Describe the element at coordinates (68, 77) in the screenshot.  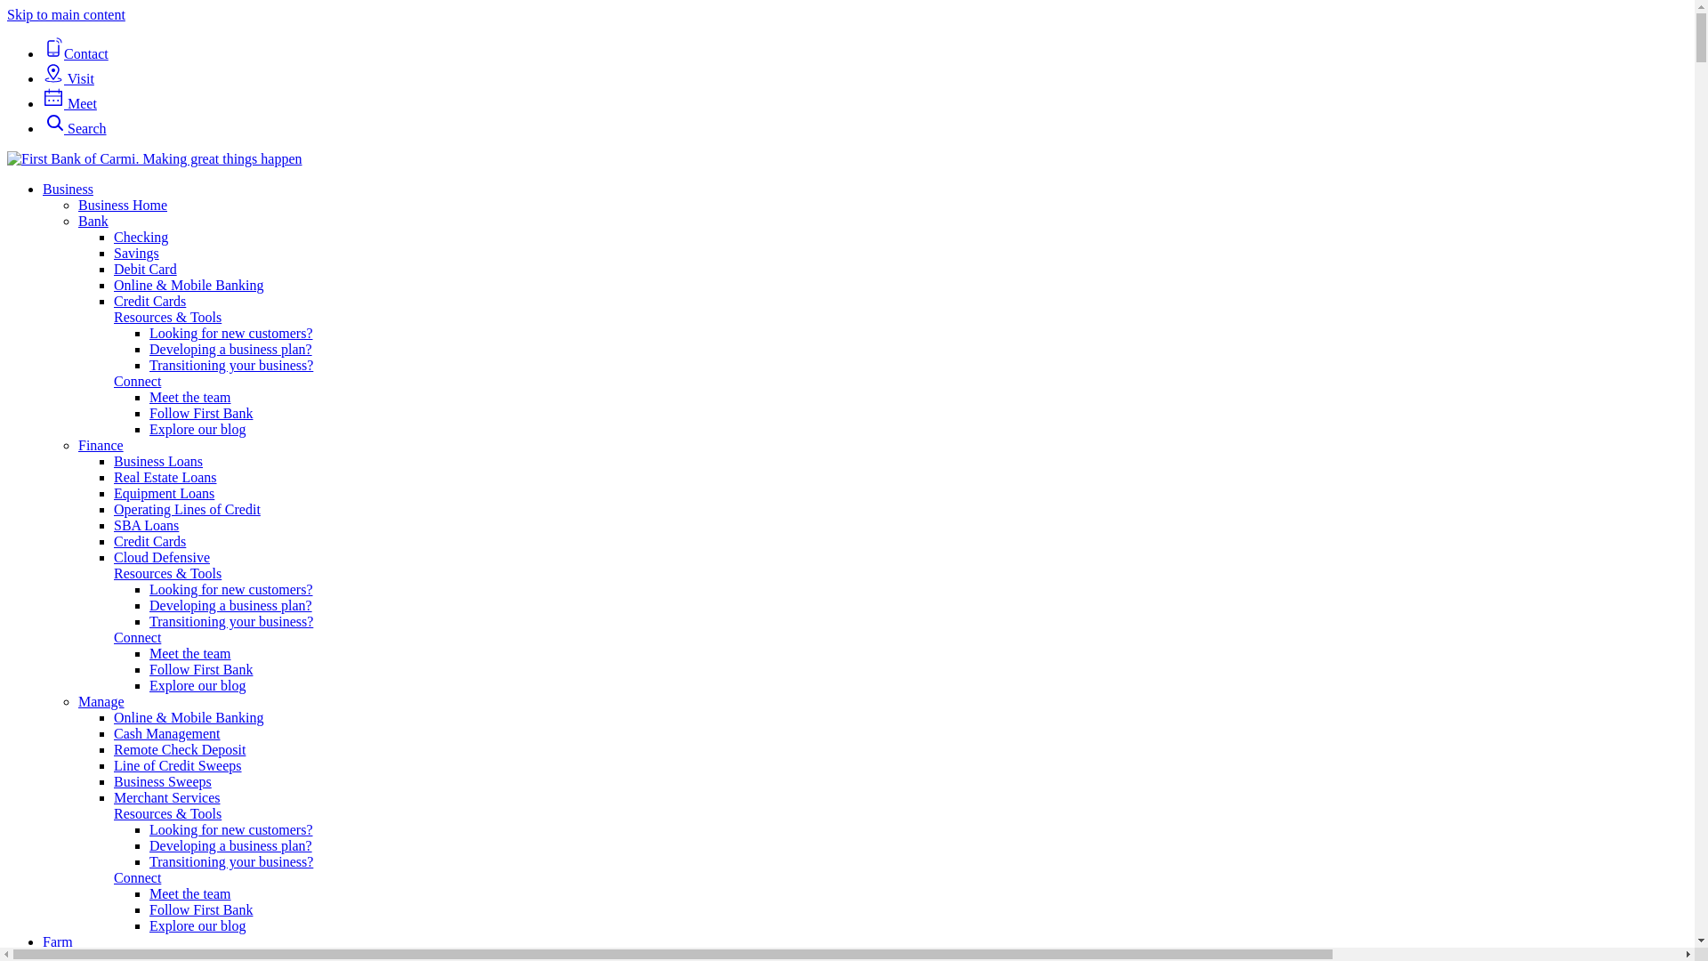
I see `'Visit'` at that location.